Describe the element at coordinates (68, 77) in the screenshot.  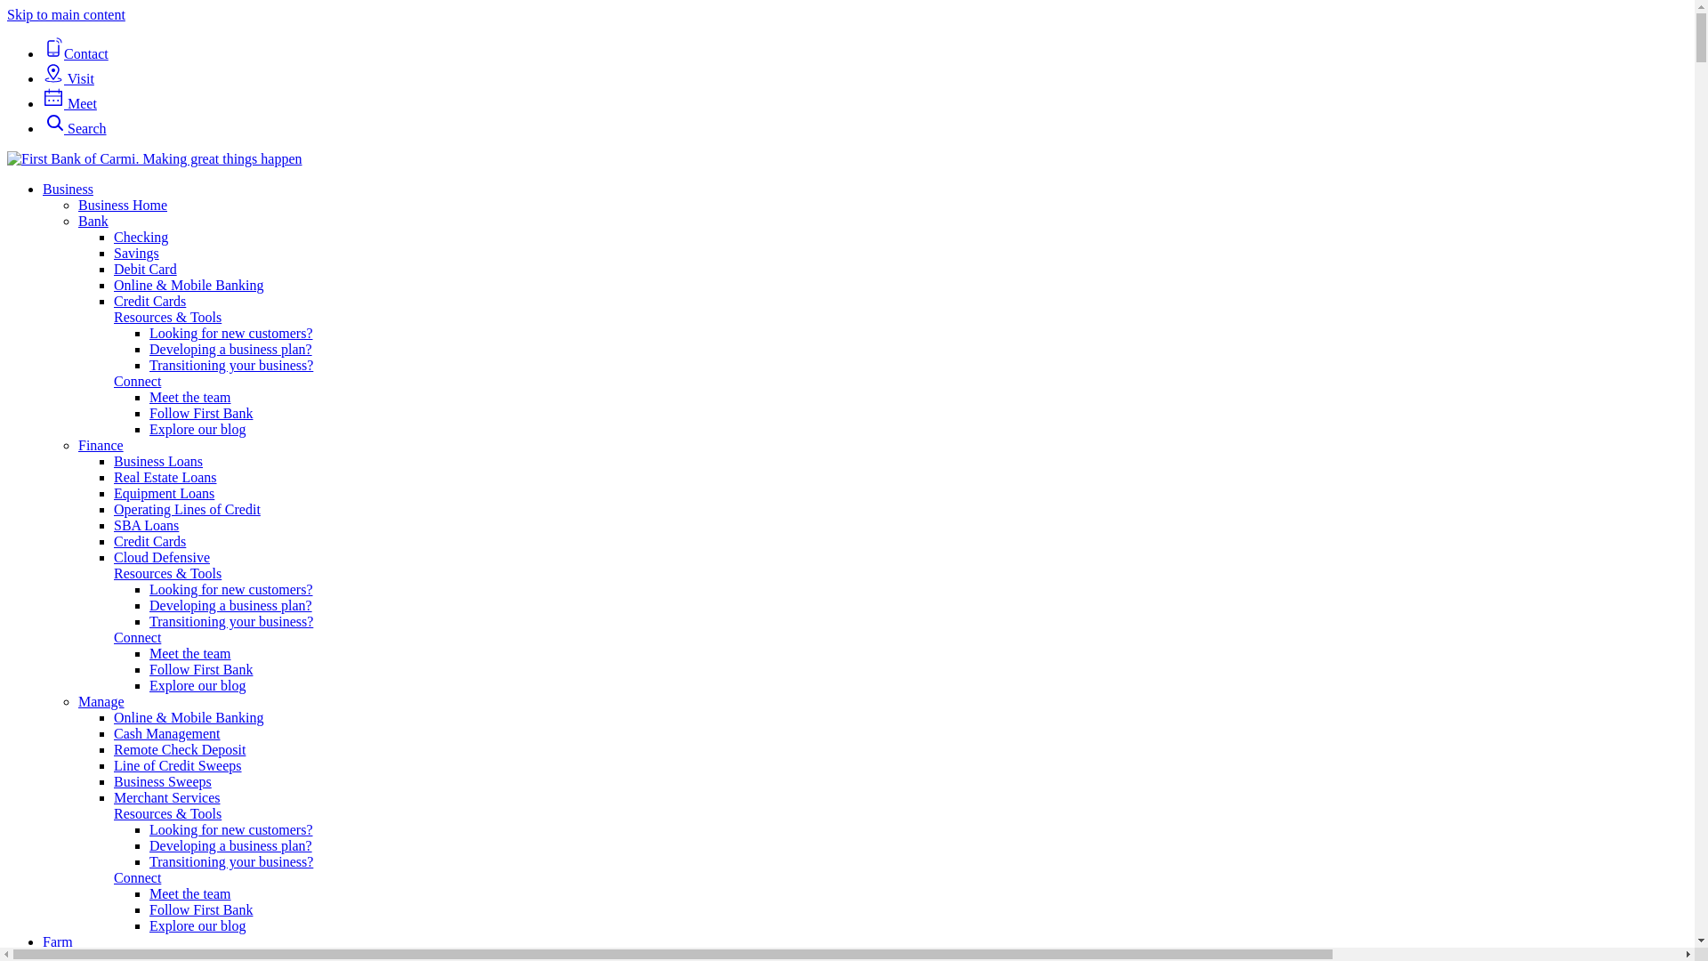
I see `'Visit'` at that location.